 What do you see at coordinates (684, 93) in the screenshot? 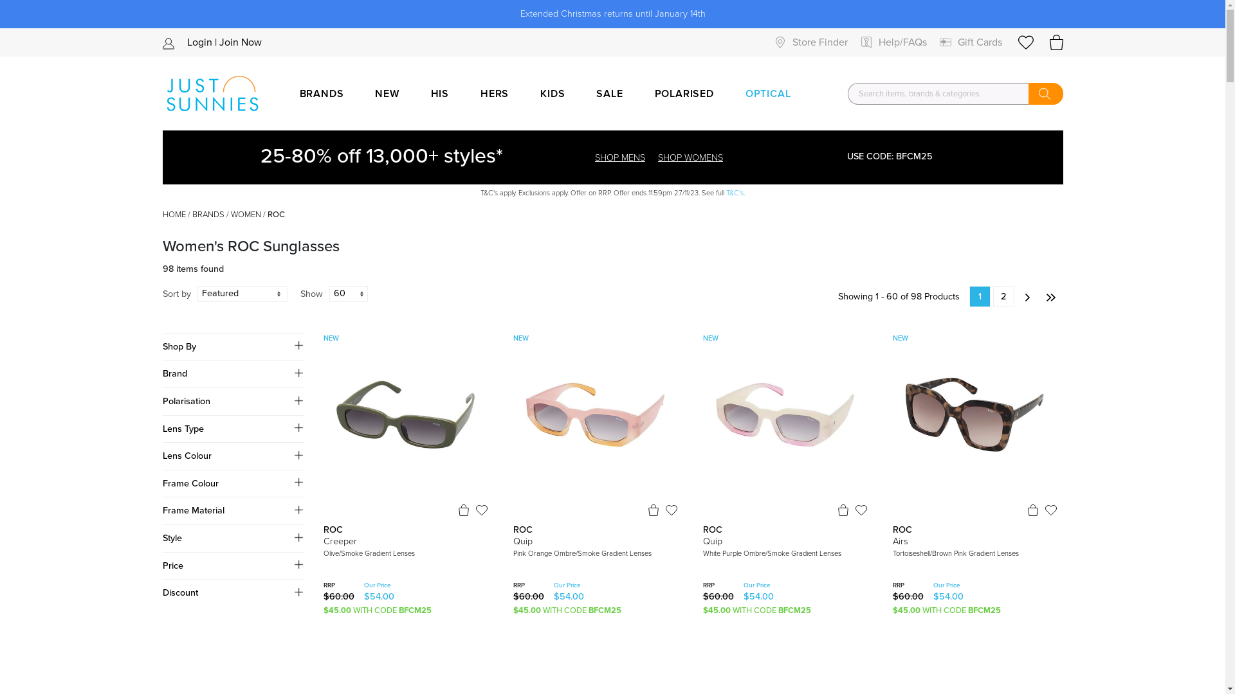
I see `'POLARISED'` at bounding box center [684, 93].